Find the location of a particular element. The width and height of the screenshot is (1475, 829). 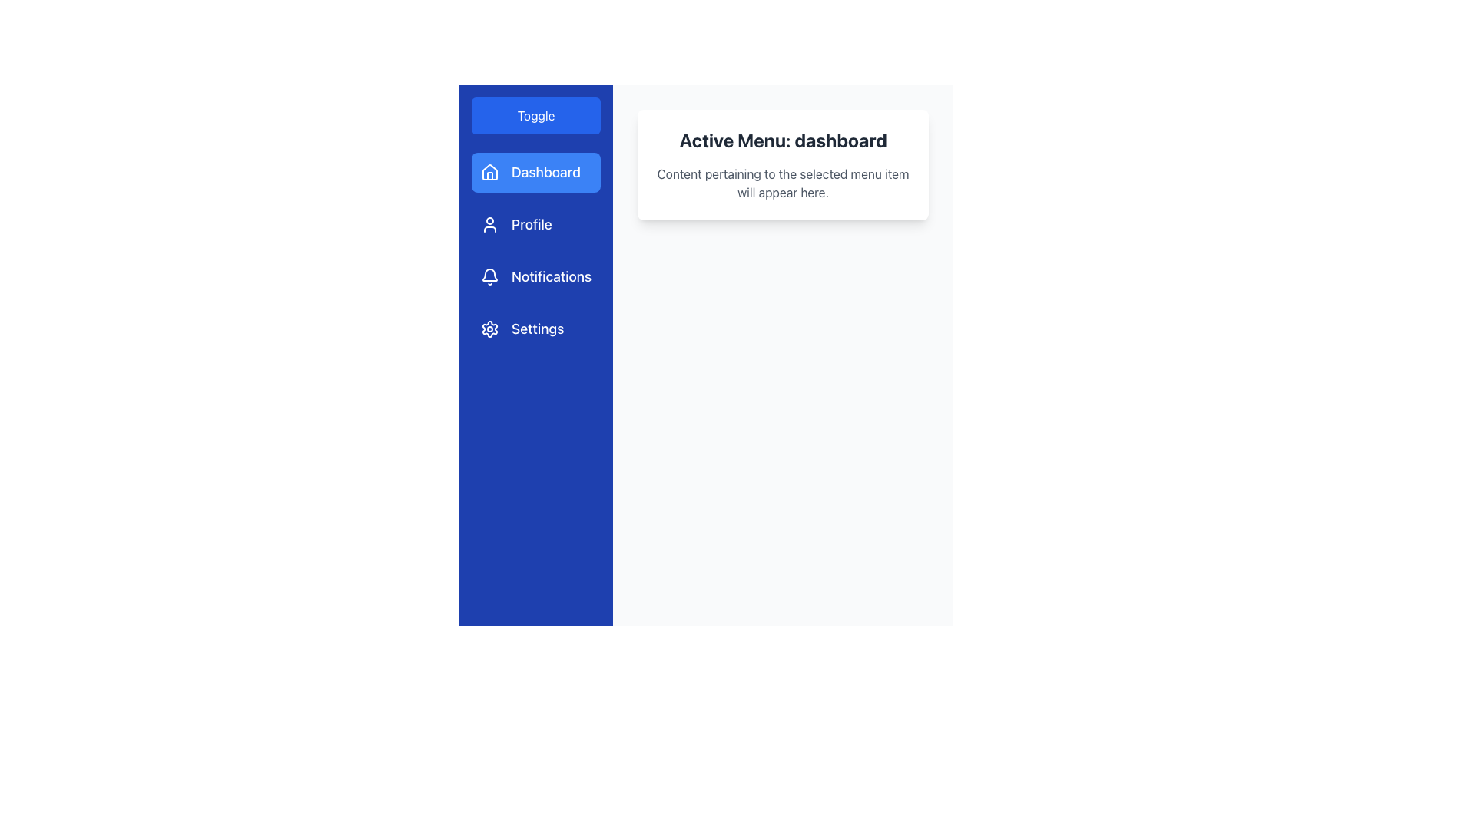

the 'Profile' text label in the vertical navigation bar, which is styled with a bold, white font on a blue background, located below the 'Dashboard' and above the 'Notifications' menu items is located at coordinates (532, 225).